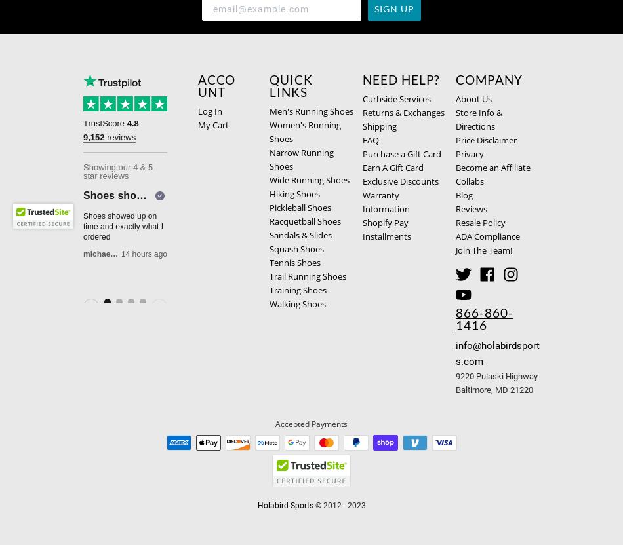 Image resolution: width=623 pixels, height=545 pixels. Describe the element at coordinates (362, 229) in the screenshot. I see `'Shopify Pay Installments'` at that location.